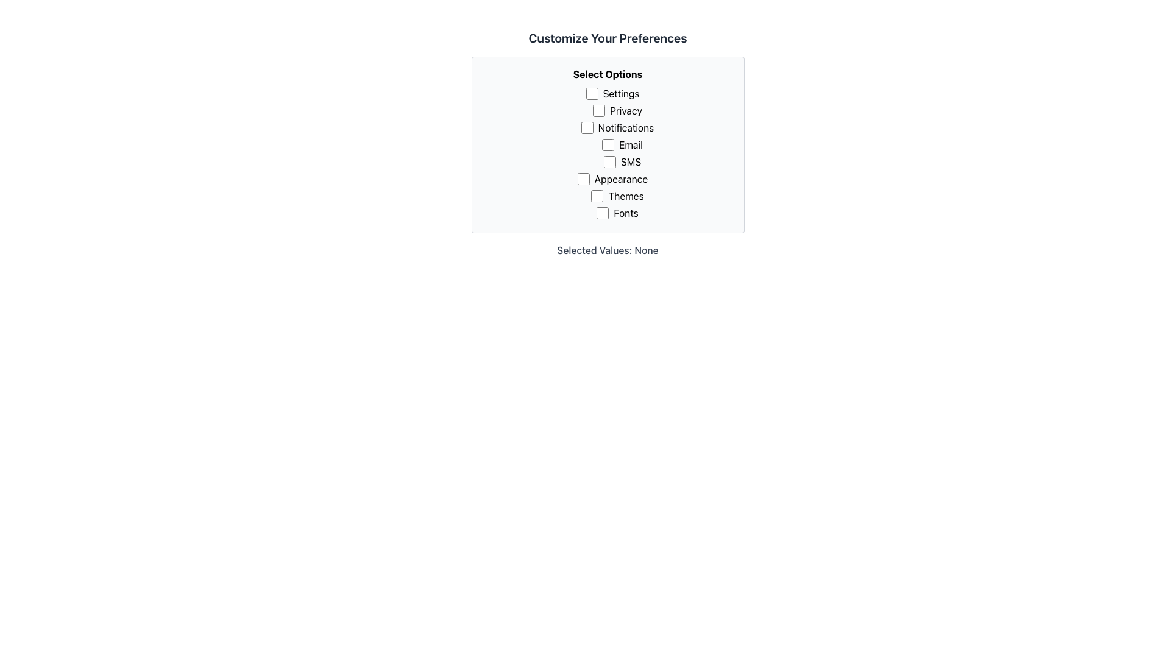  I want to click on the checkbox located next to the 'Privacy' label, so click(599, 110).